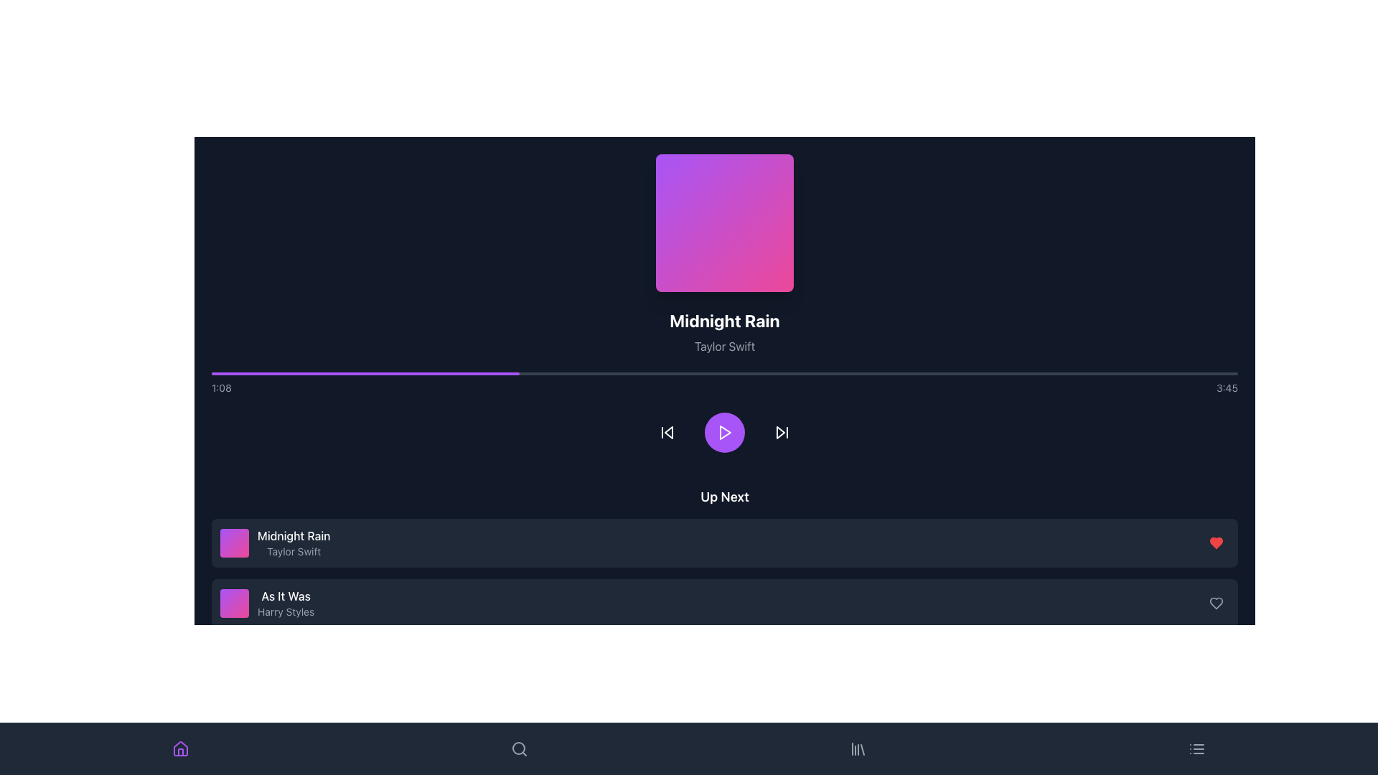 The height and width of the screenshot is (775, 1378). Describe the element at coordinates (236, 372) in the screenshot. I see `the progress bar` at that location.